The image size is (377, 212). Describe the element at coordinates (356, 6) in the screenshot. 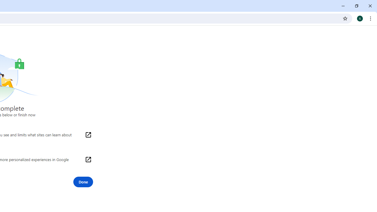

I see `'Restore'` at that location.